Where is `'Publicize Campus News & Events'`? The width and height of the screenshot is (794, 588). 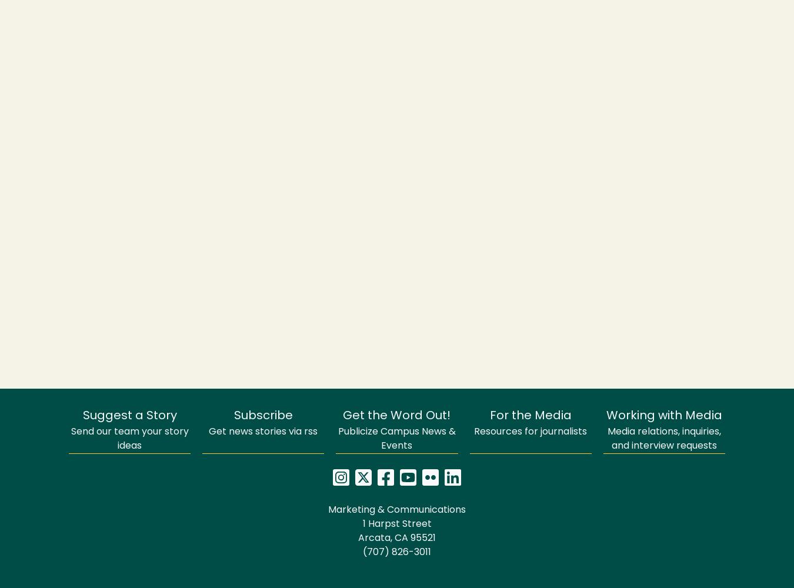
'Publicize Campus News & Events' is located at coordinates (396, 439).